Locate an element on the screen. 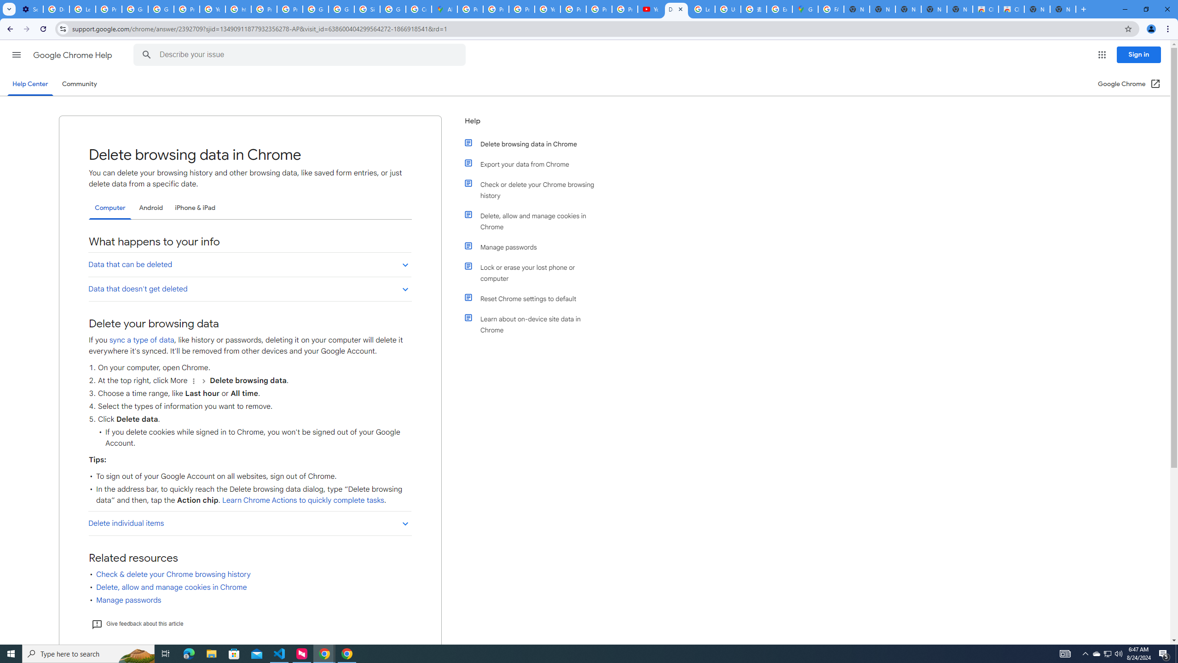 The height and width of the screenshot is (663, 1178). 'Check & delete your Chrome browsing history' is located at coordinates (173, 575).